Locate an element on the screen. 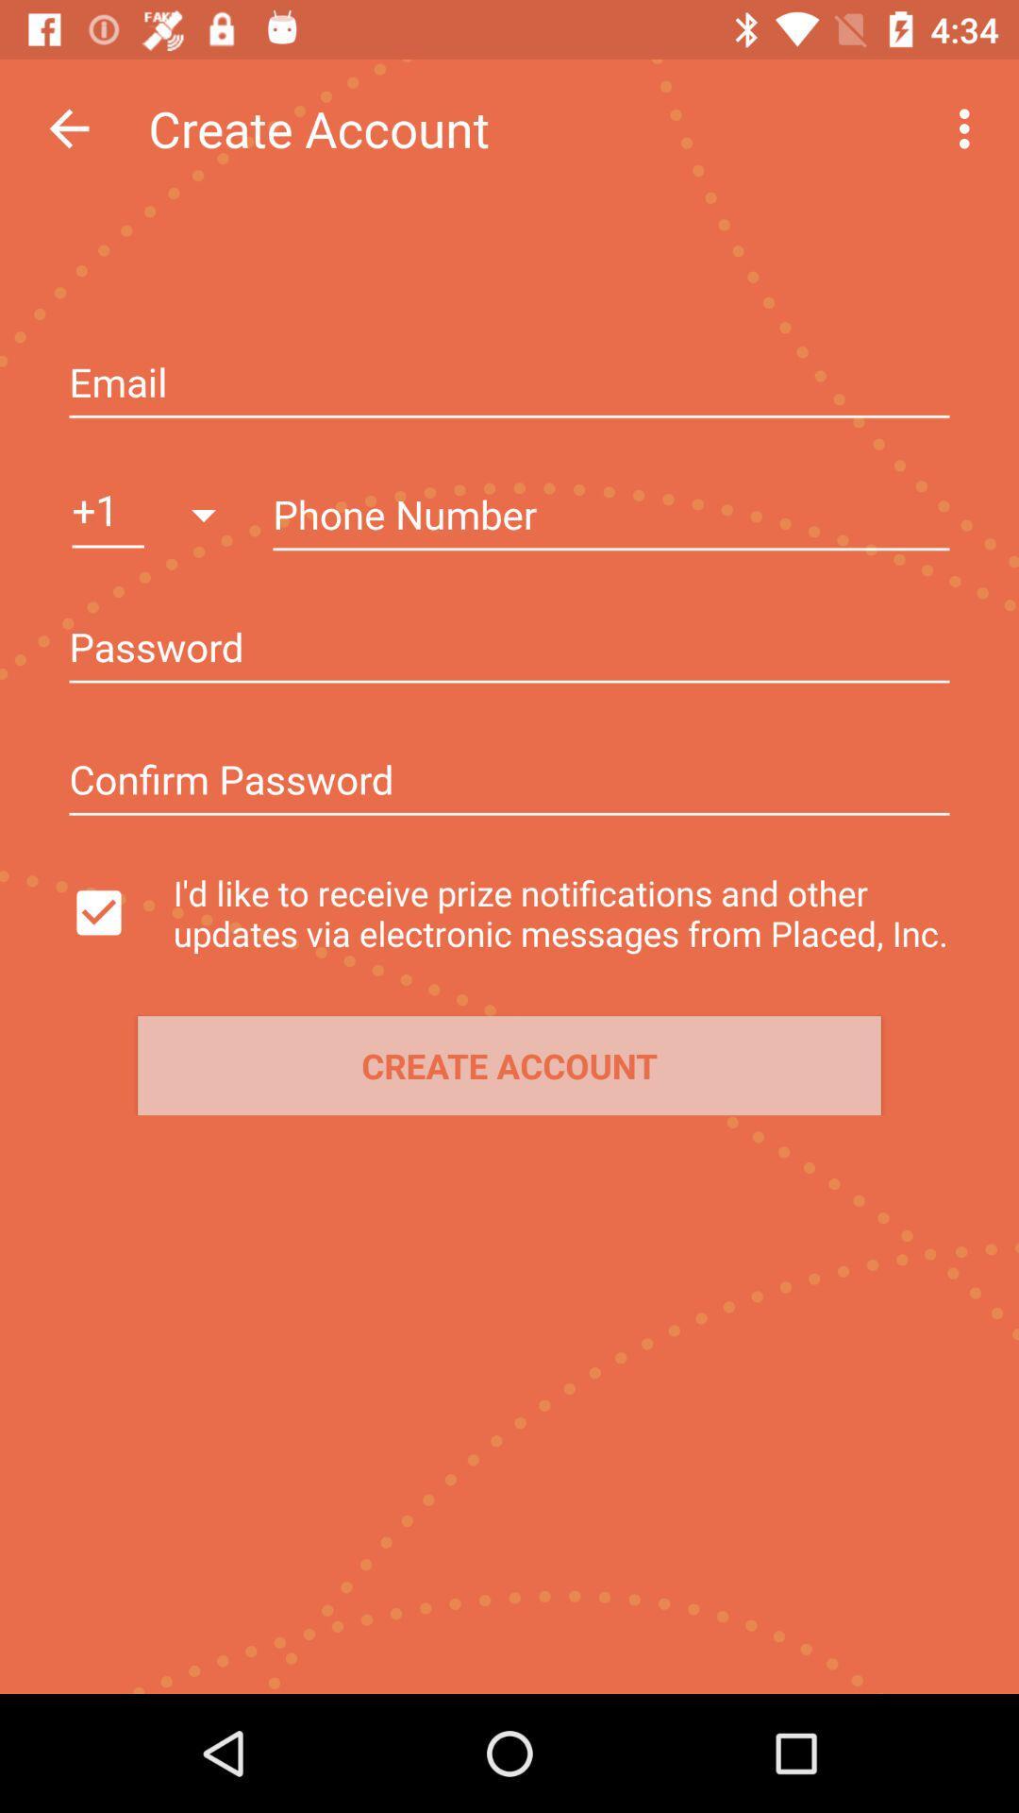 This screenshot has width=1019, height=1813. insert password is located at coordinates (509, 782).